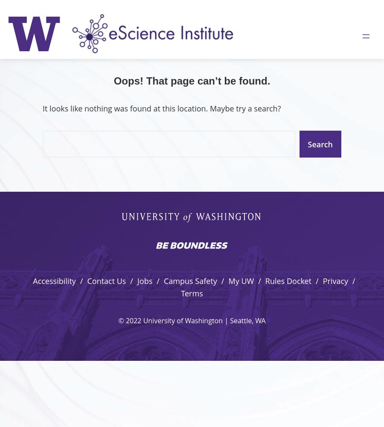 The image size is (384, 427). What do you see at coordinates (320, 143) in the screenshot?
I see `'Search'` at bounding box center [320, 143].